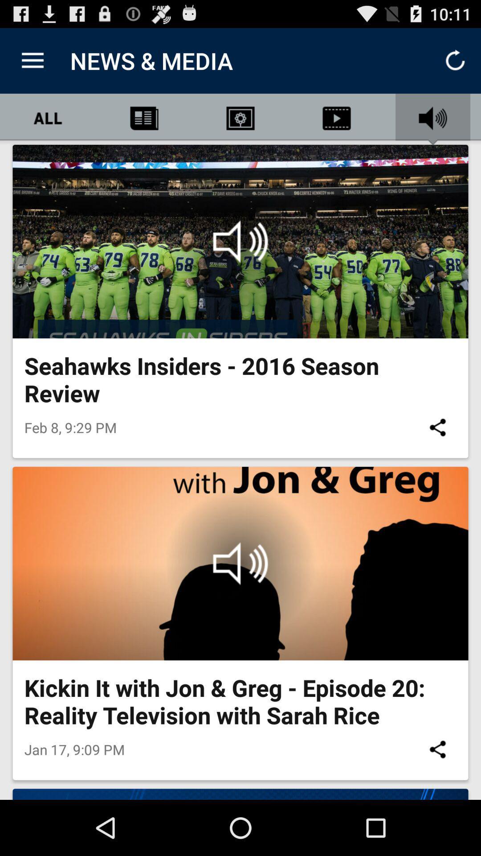 This screenshot has width=481, height=856. Describe the element at coordinates (337, 118) in the screenshot. I see `the video icon below news  media` at that location.